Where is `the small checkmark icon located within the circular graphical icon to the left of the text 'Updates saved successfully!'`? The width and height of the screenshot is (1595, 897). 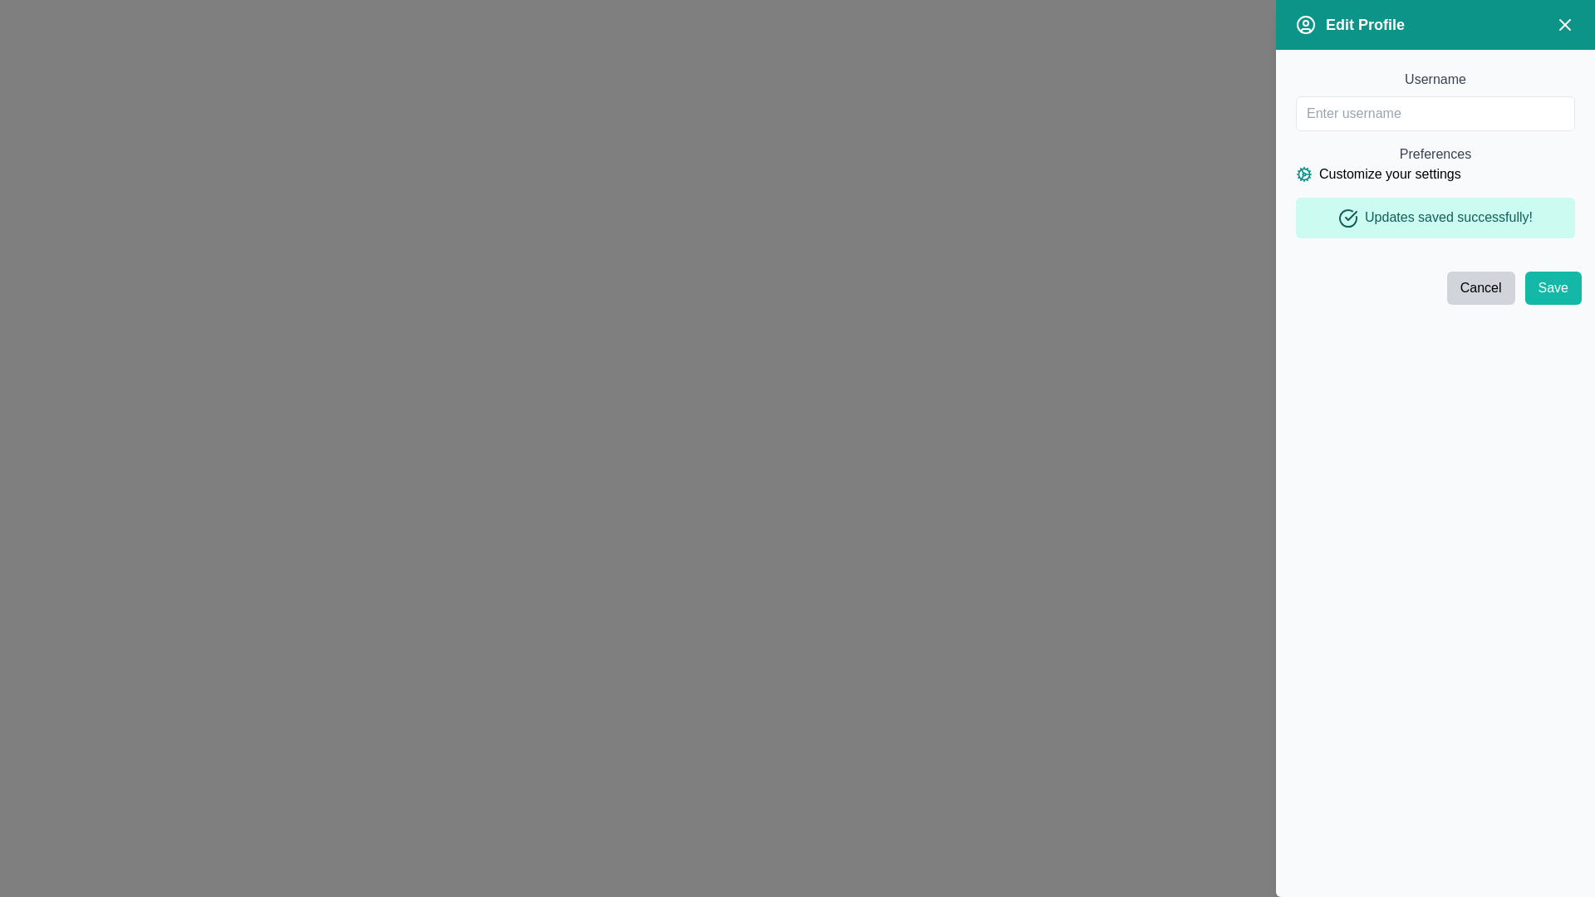 the small checkmark icon located within the circular graphical icon to the left of the text 'Updates saved successfully!' is located at coordinates (1351, 214).